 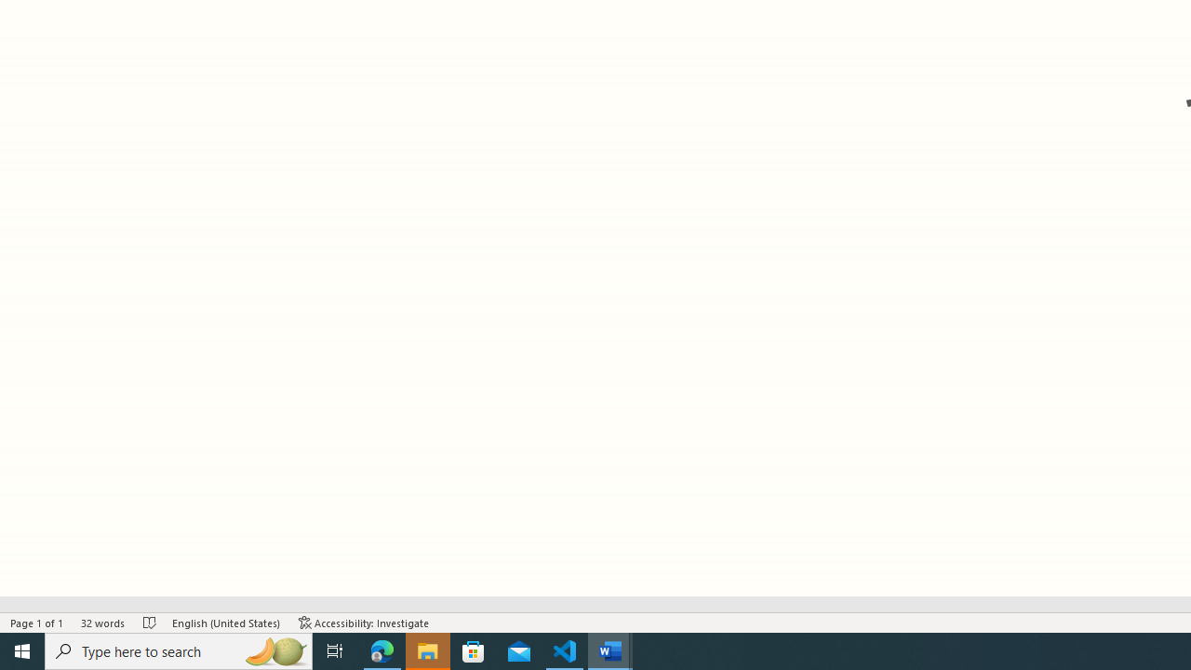 What do you see at coordinates (150, 623) in the screenshot?
I see `'Spelling and Grammar Check No Errors'` at bounding box center [150, 623].